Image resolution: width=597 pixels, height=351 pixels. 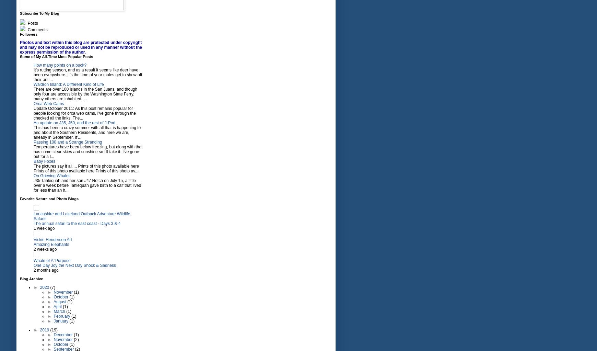 What do you see at coordinates (63, 334) in the screenshot?
I see `'December'` at bounding box center [63, 334].